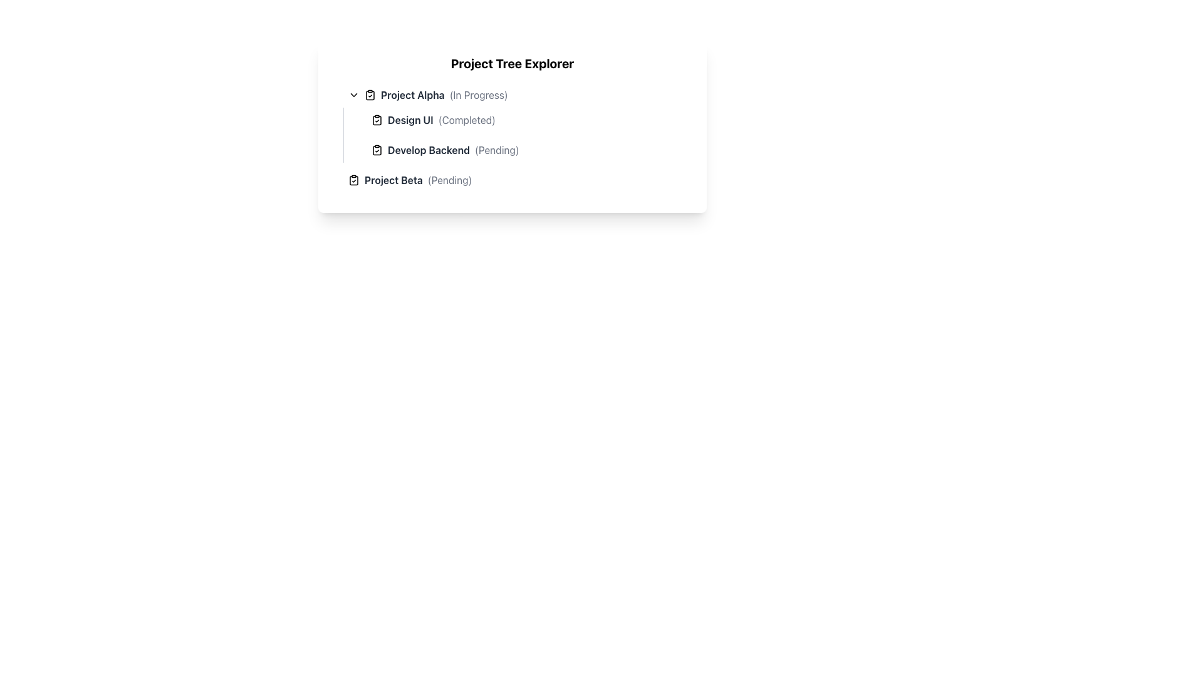 This screenshot has height=676, width=1203. Describe the element at coordinates (410, 120) in the screenshot. I see `the text label reading 'Design UI' which is styled in bold dark gray and positioned within the 'Project Alpha' section, aligned left and followed by '(Completed)'` at that location.